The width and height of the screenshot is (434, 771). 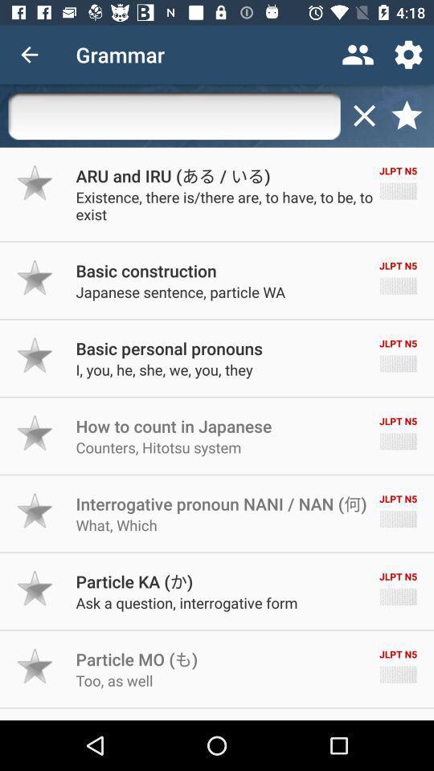 What do you see at coordinates (406, 115) in the screenshot?
I see `bookmark` at bounding box center [406, 115].